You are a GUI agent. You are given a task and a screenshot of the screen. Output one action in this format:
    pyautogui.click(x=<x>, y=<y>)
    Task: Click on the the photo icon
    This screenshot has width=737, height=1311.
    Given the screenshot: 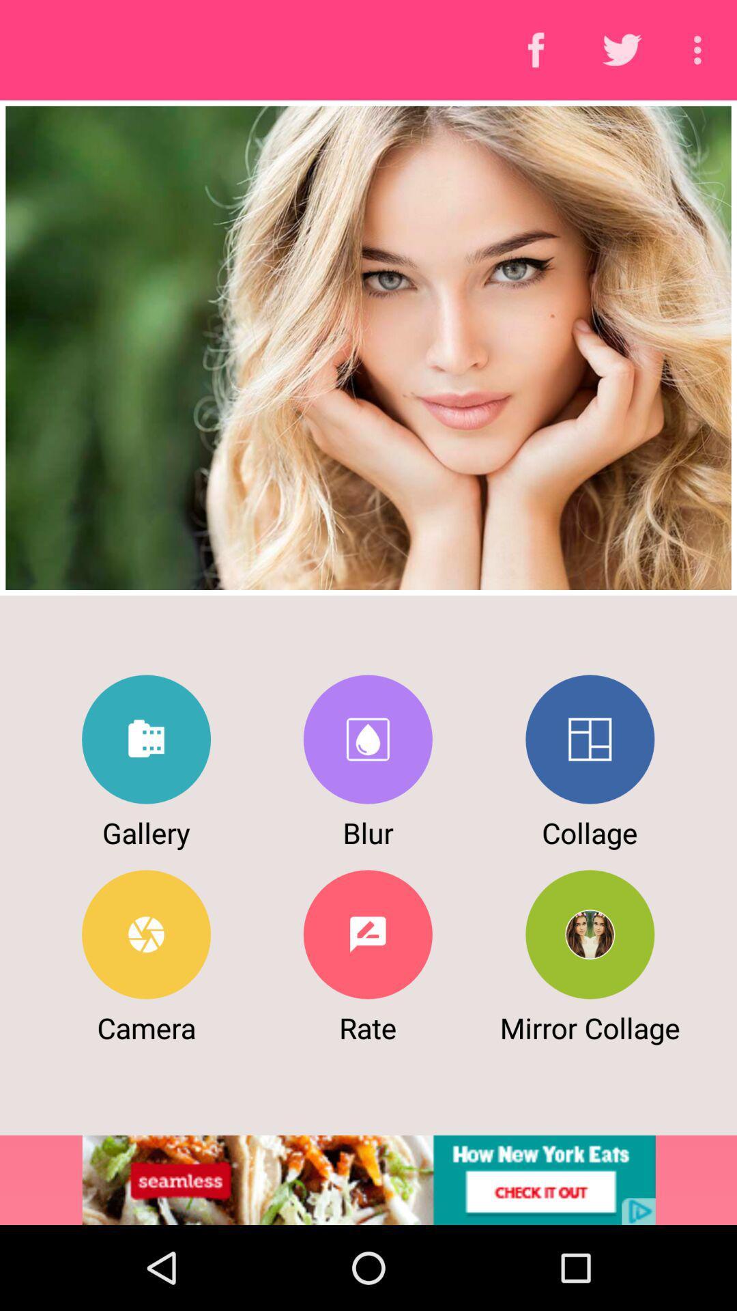 What is the action you would take?
    pyautogui.click(x=367, y=739)
    